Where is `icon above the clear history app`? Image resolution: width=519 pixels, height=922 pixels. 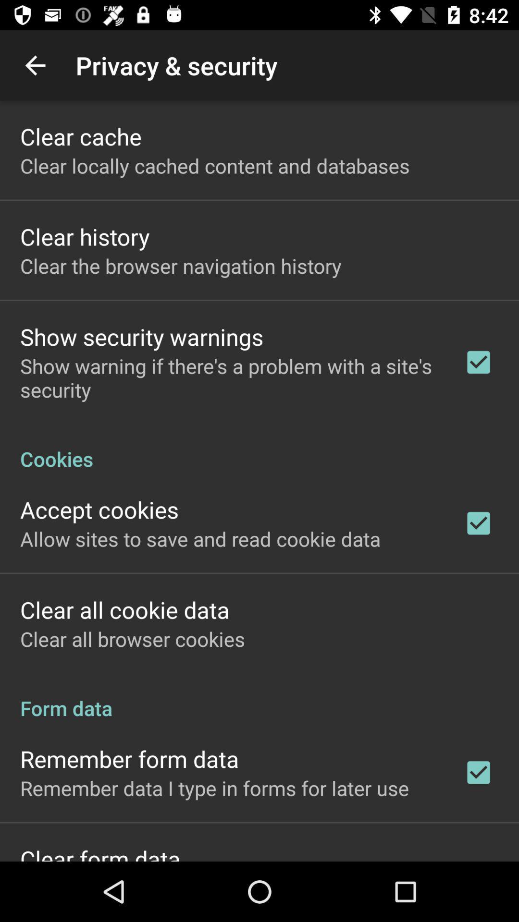 icon above the clear history app is located at coordinates (214, 166).